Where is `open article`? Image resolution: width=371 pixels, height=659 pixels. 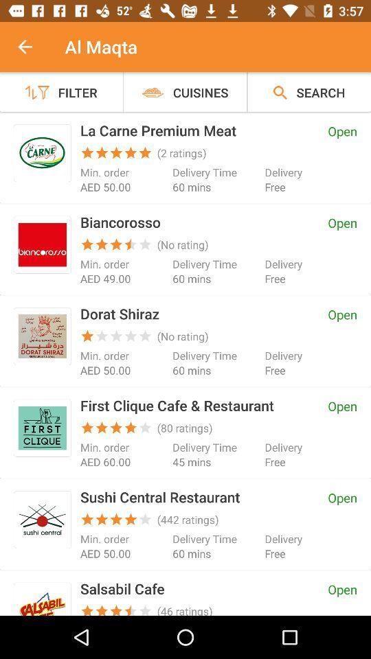 open article is located at coordinates (42, 244).